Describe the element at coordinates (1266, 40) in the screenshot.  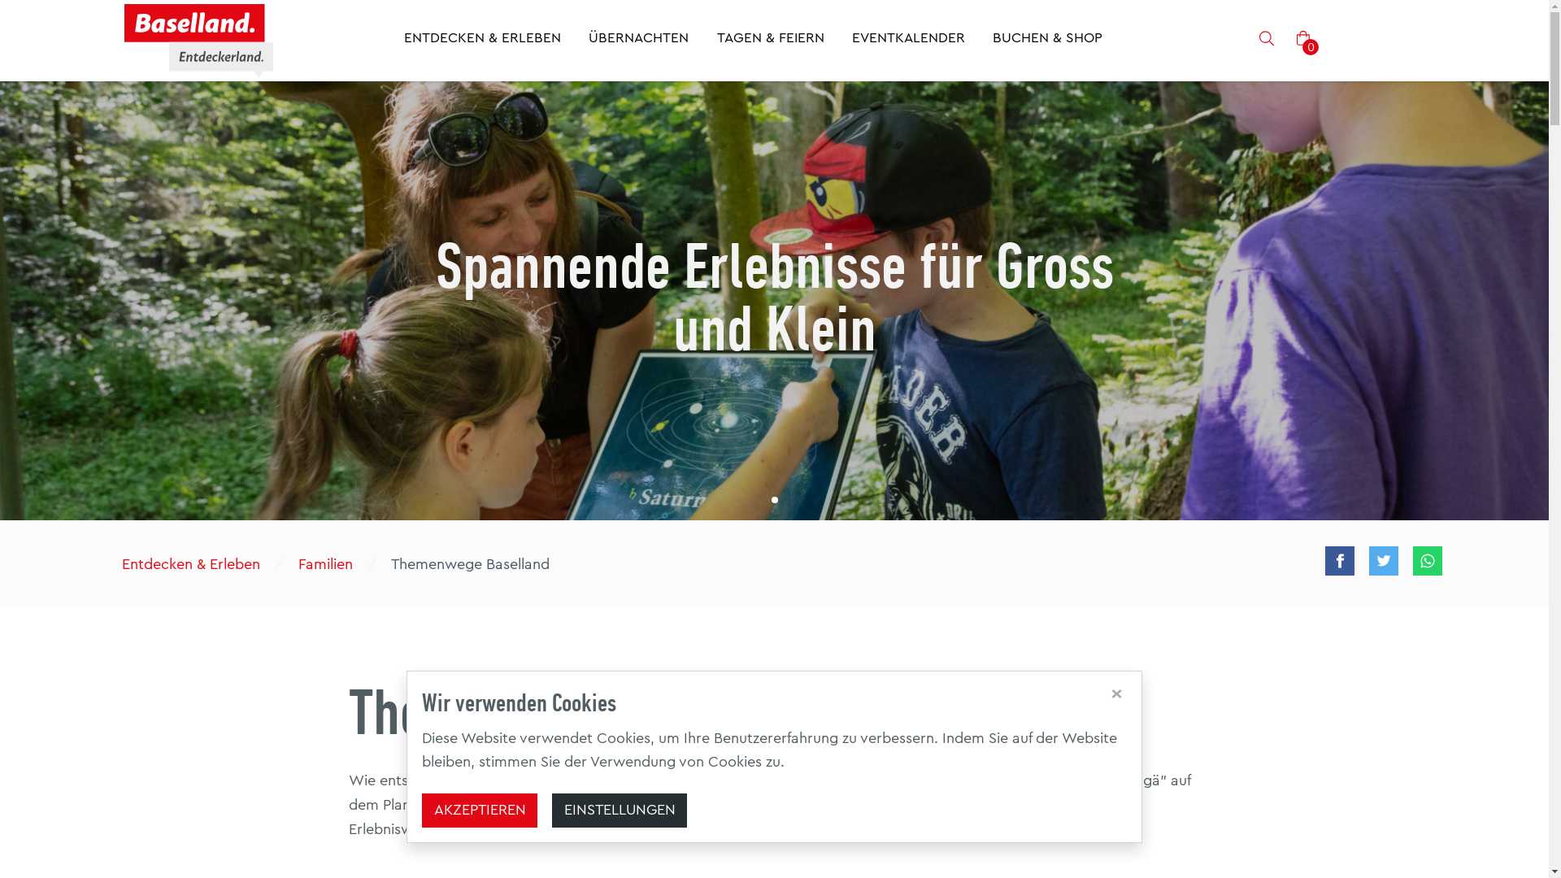
I see `'SUCHE'` at that location.